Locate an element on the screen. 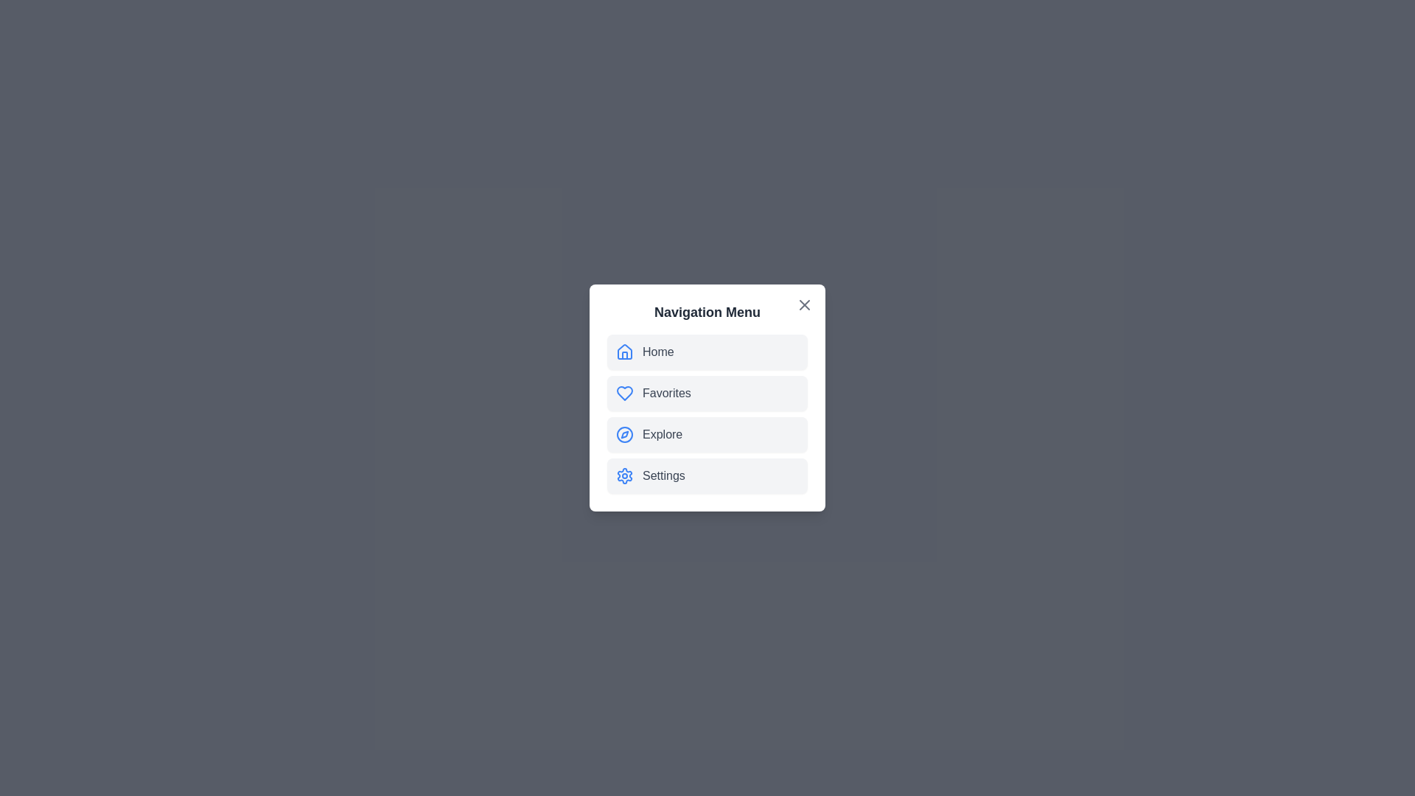  the navigation item Explore to observe its hover effect is located at coordinates (707, 434).